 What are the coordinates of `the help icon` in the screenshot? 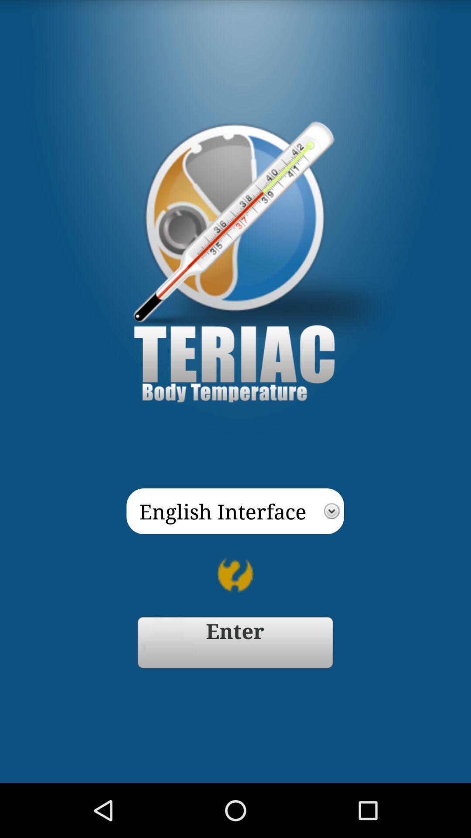 It's located at (235, 615).